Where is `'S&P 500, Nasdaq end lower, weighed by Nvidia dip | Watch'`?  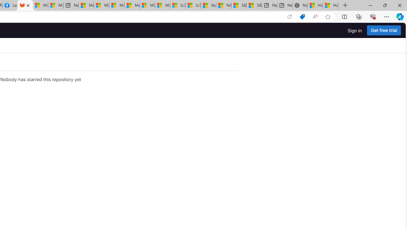
'S&P 500, Nasdaq end lower, weighed by Nvidia dip | Watch' is located at coordinates (254, 5).